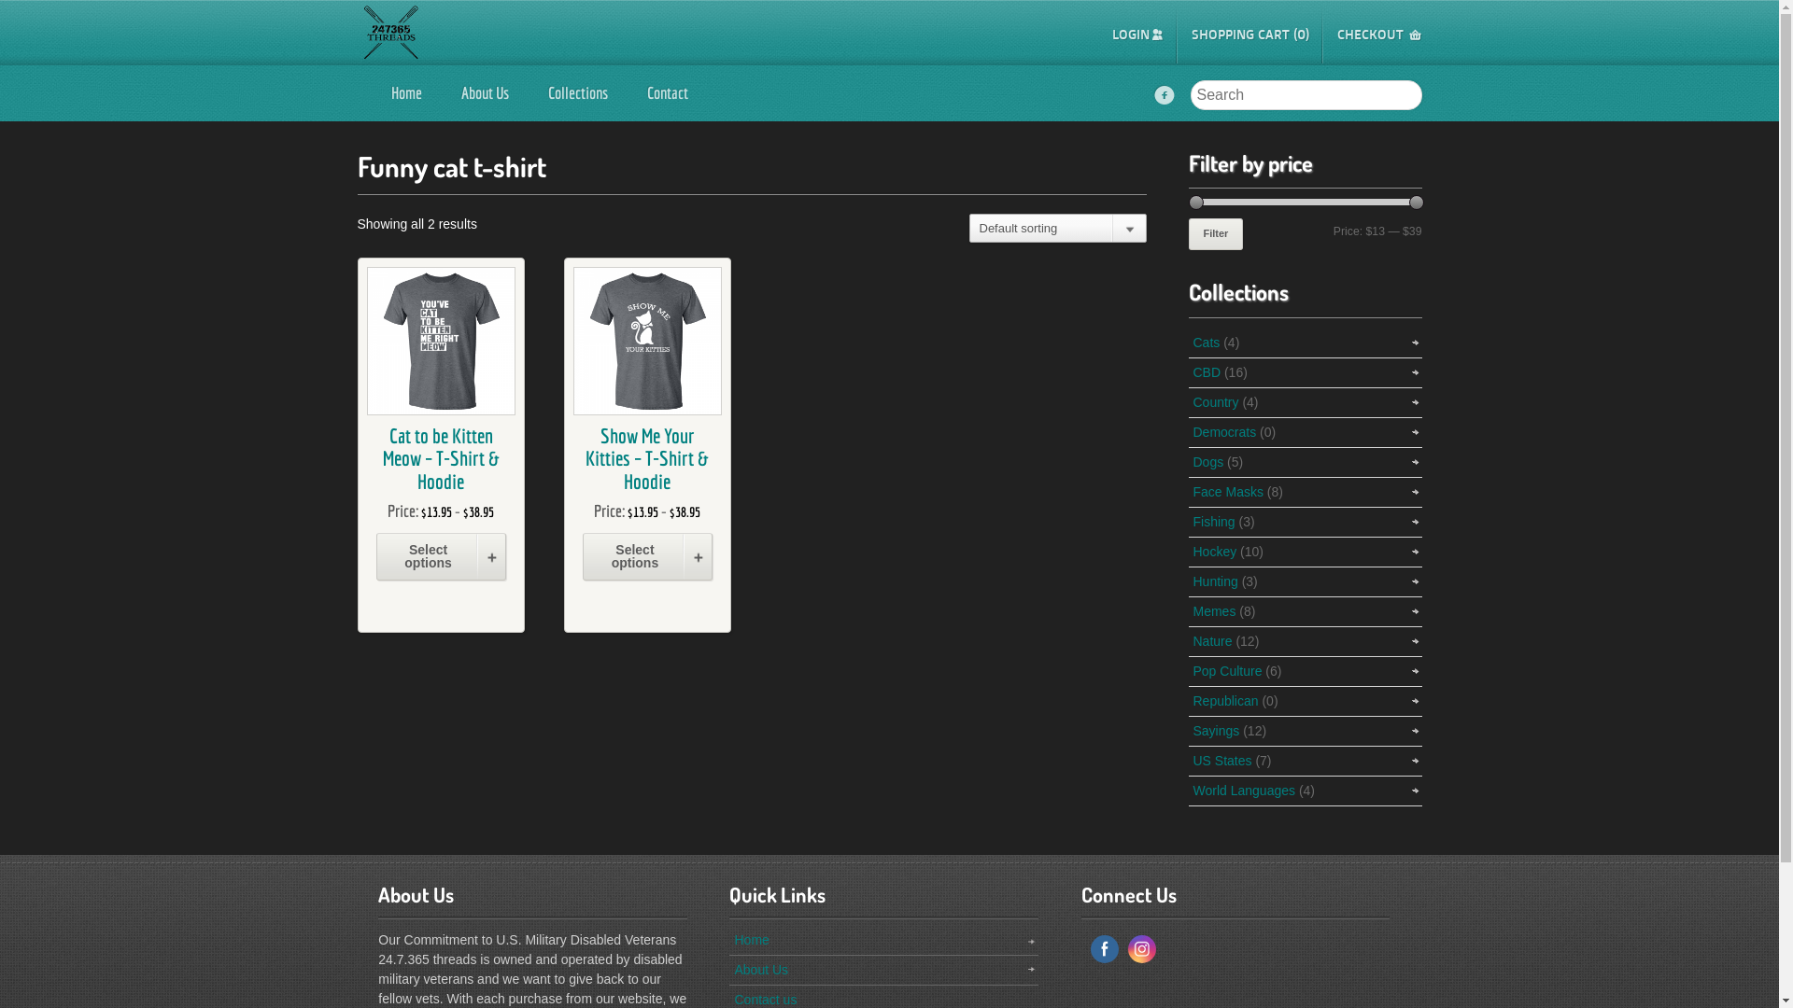  I want to click on 'Memes', so click(1214, 611).